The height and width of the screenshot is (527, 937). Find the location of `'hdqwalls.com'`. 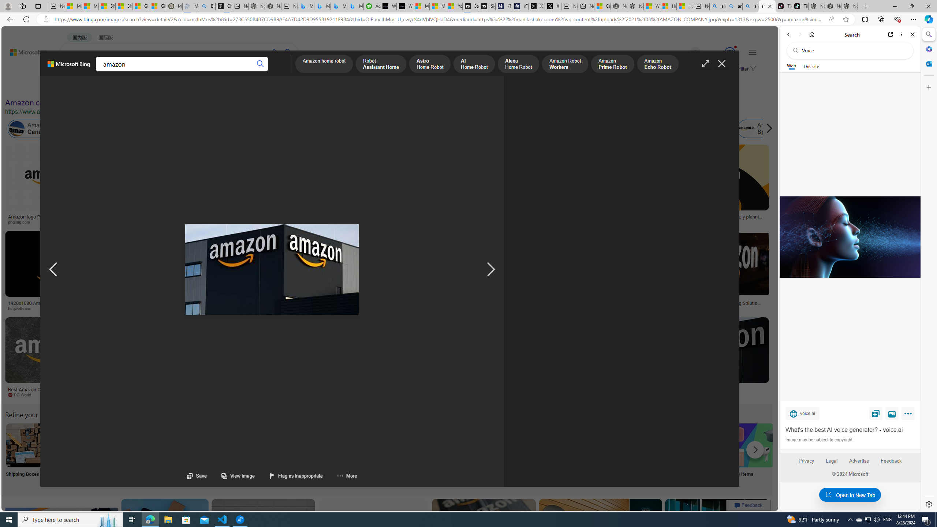

'hdqwalls.com' is located at coordinates (22, 308).